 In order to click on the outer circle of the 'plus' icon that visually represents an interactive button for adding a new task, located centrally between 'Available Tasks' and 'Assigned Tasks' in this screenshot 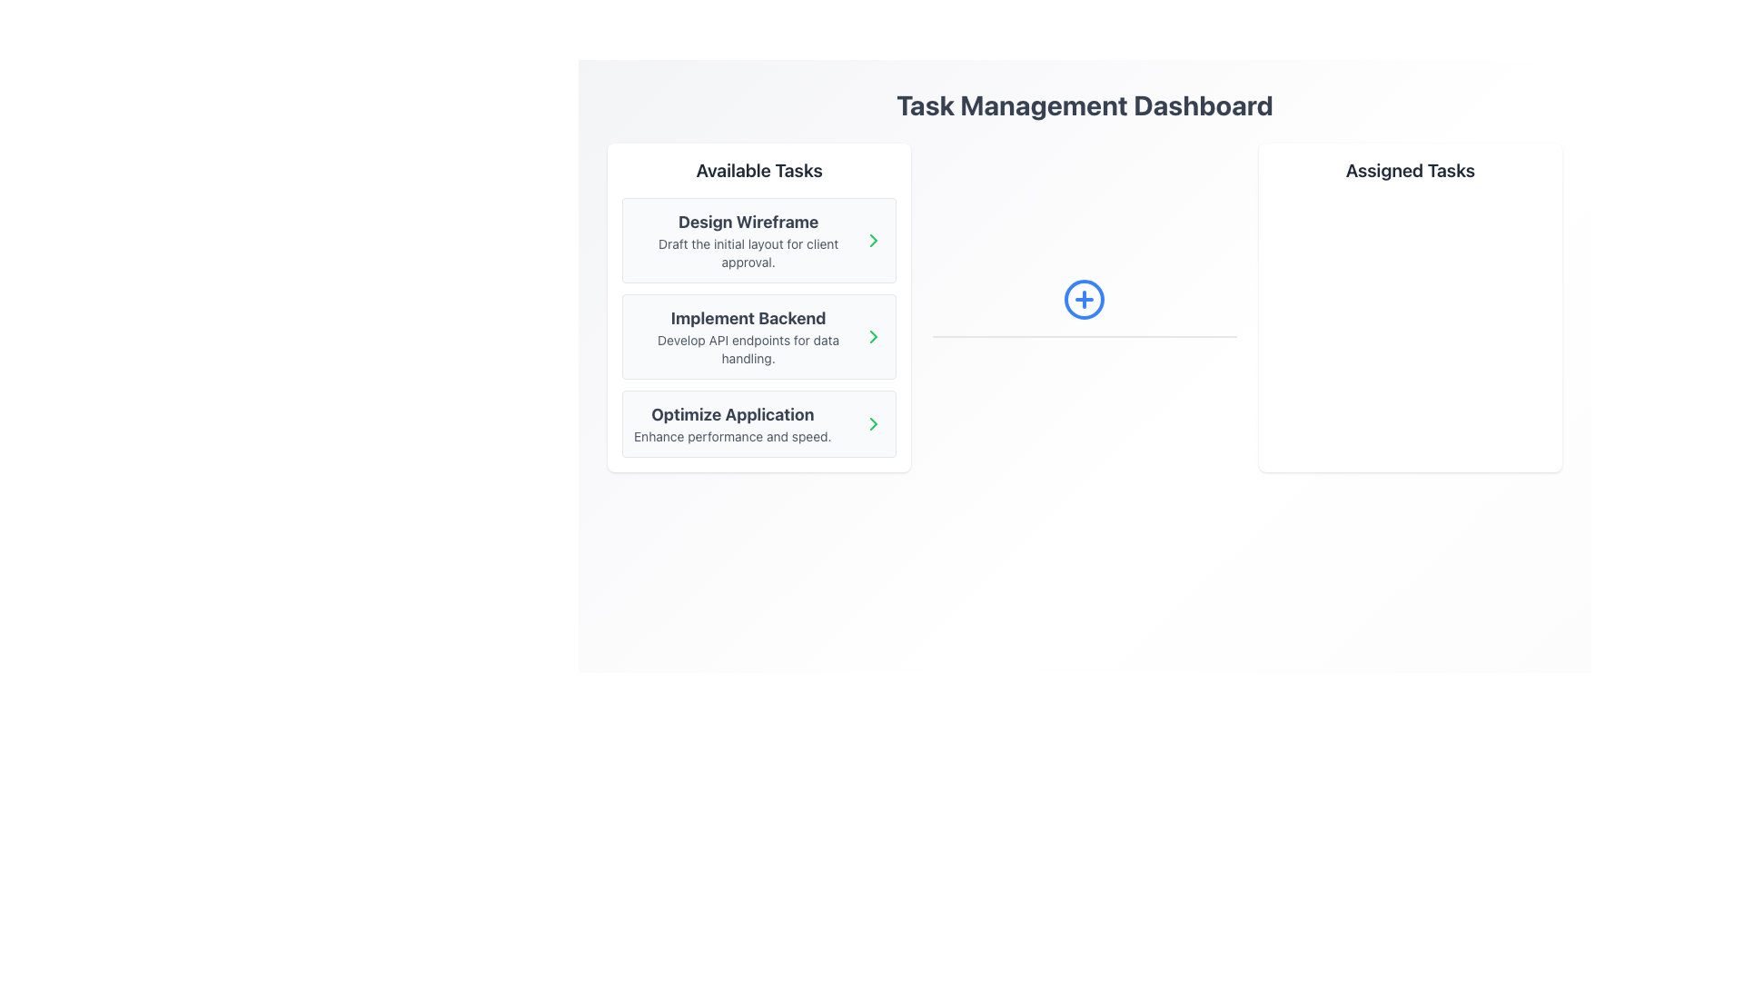, I will do `click(1085, 299)`.